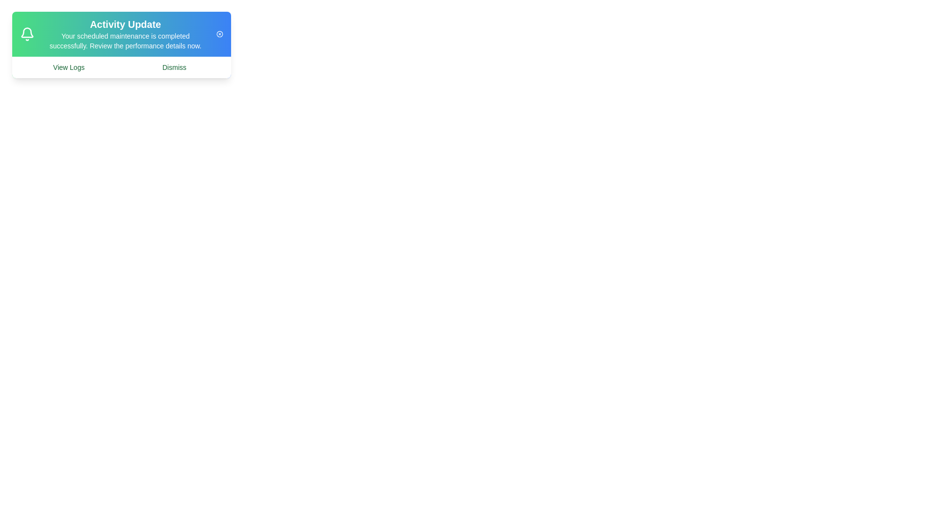 The image size is (938, 528). Describe the element at coordinates (68, 67) in the screenshot. I see `the button View Logs to observe its hover effect` at that location.